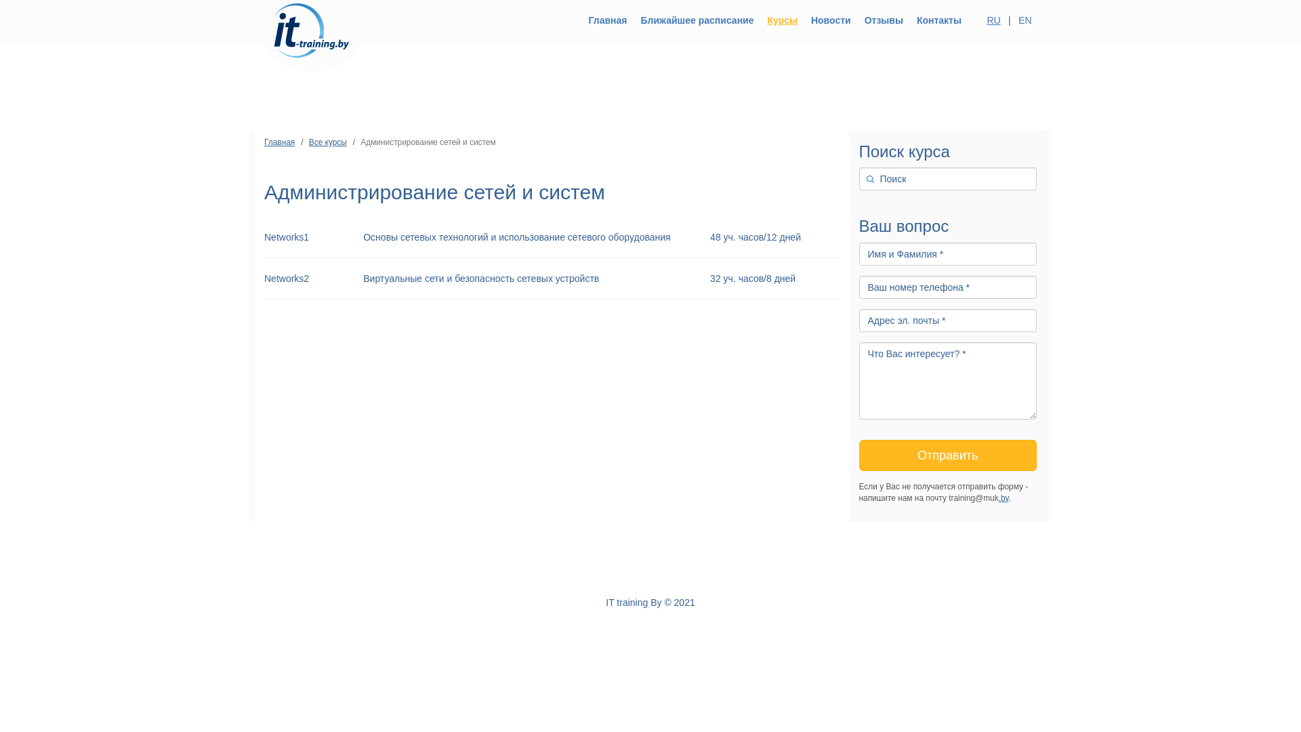 This screenshot has width=1301, height=732. I want to click on 'training@muk.by', so click(564, 554).